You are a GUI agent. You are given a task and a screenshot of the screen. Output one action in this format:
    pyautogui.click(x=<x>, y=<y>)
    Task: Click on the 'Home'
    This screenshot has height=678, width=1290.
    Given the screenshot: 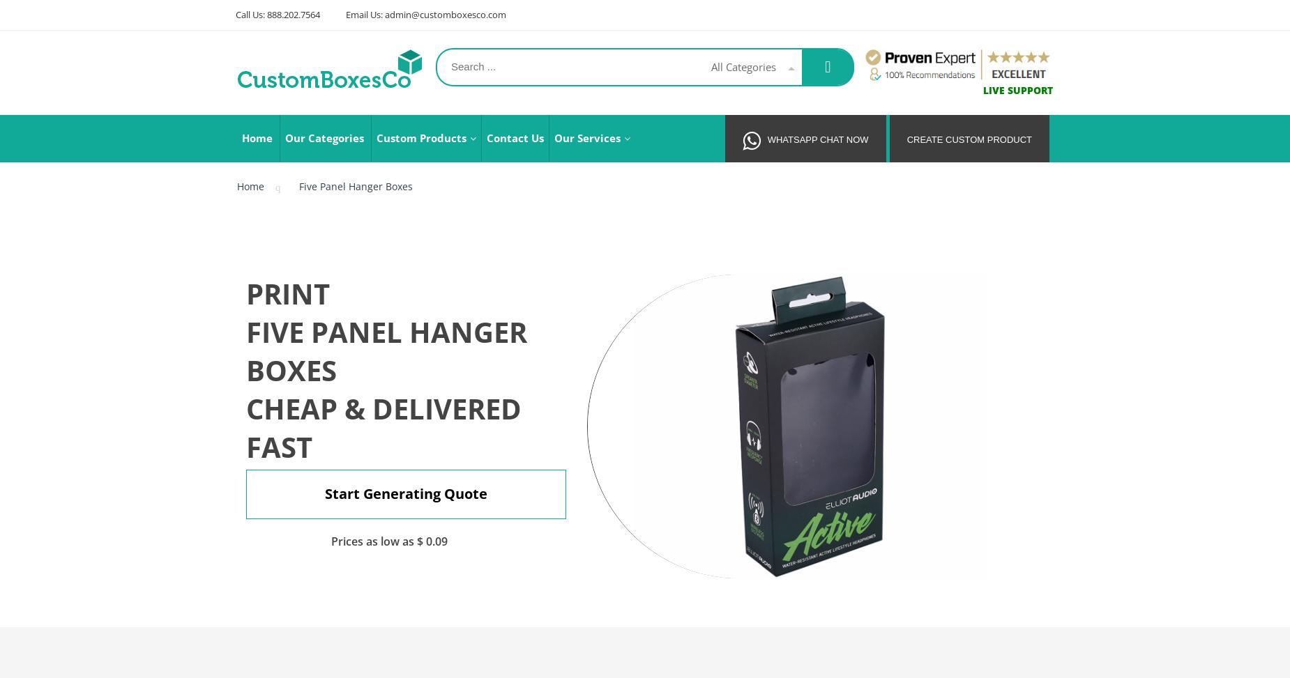 What is the action you would take?
    pyautogui.click(x=250, y=185)
    